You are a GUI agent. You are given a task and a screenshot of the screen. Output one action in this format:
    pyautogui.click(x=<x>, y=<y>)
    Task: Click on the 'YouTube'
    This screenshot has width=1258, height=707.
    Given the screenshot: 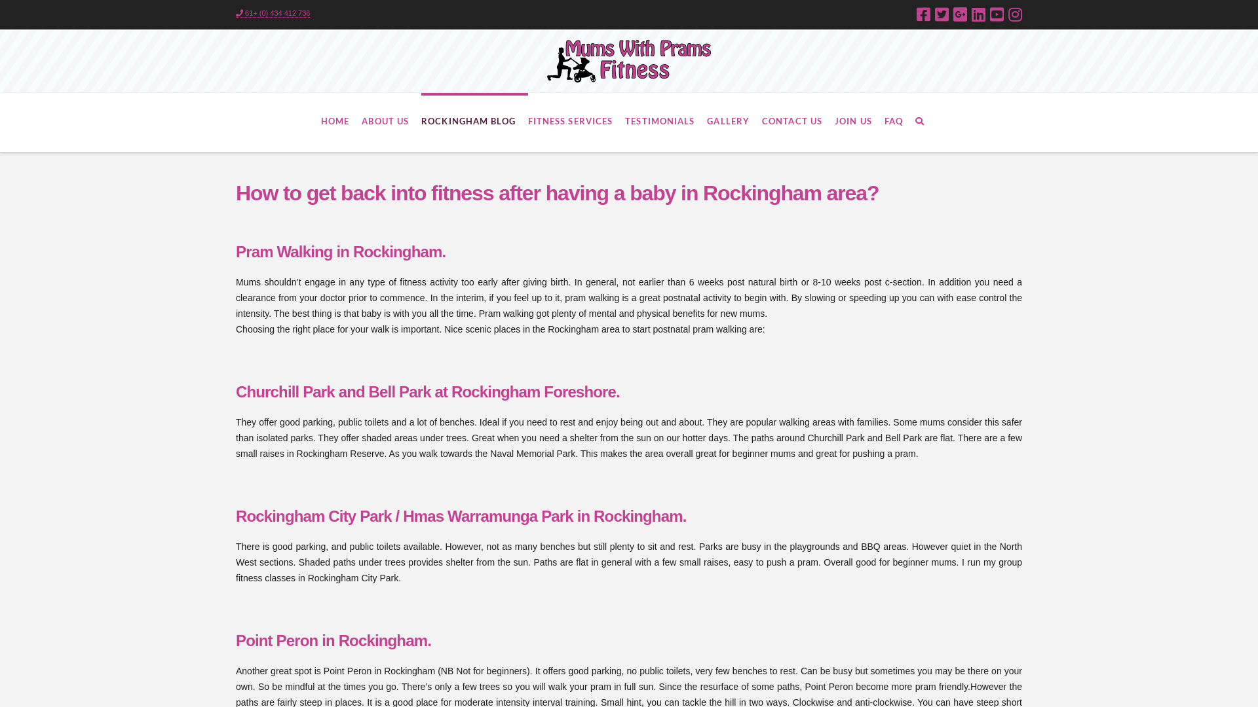 What is the action you would take?
    pyautogui.click(x=996, y=14)
    